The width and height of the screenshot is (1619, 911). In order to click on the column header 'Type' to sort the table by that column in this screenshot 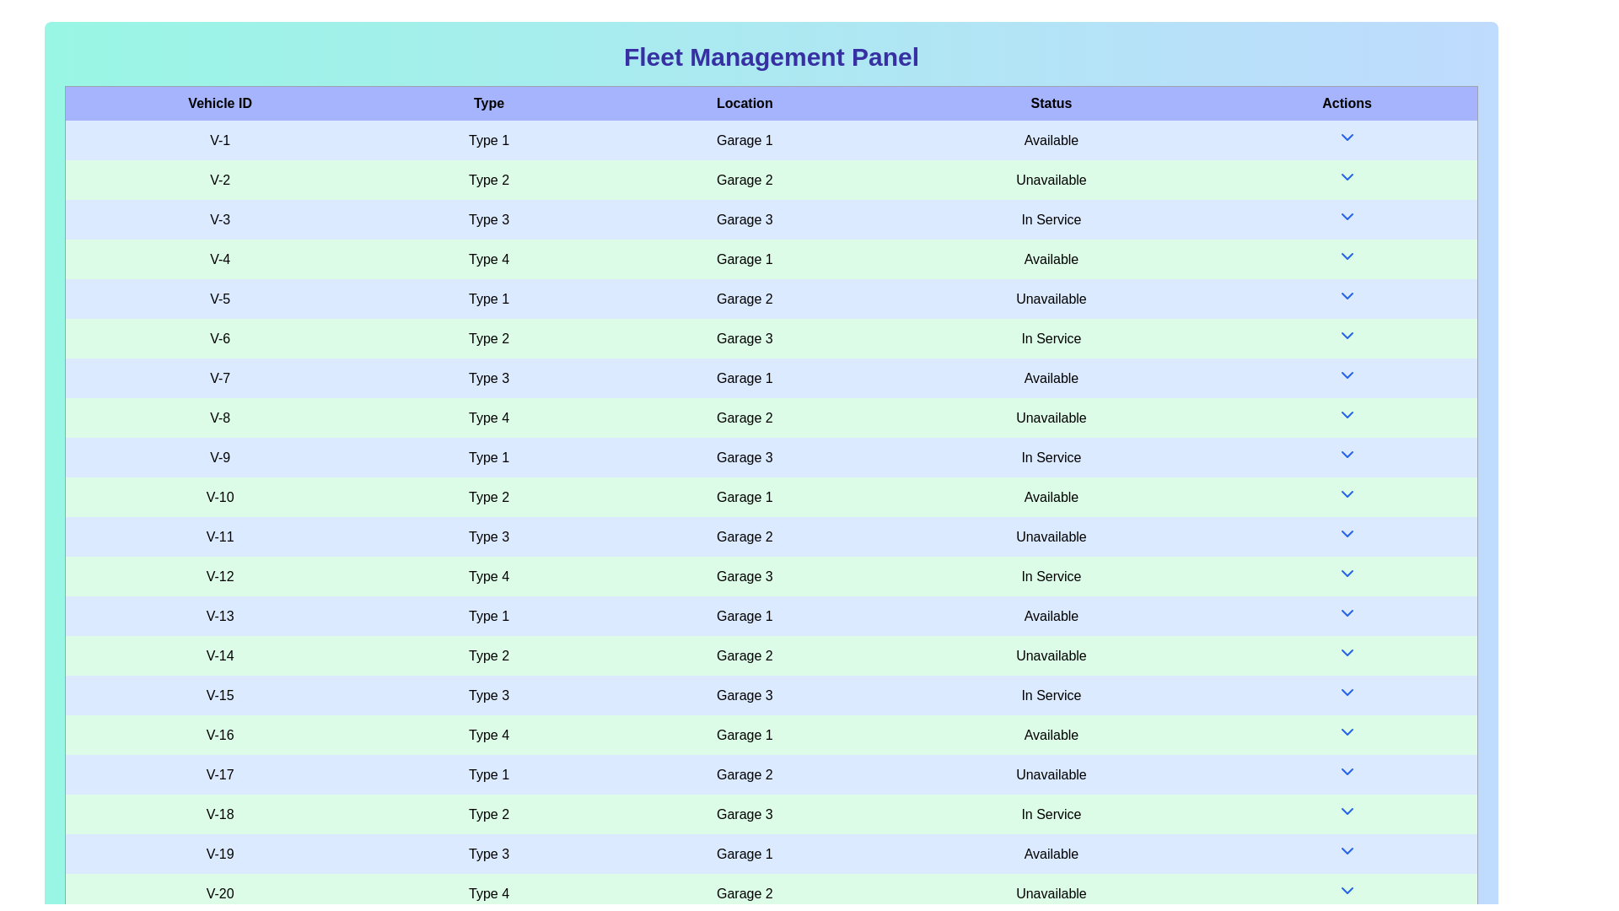, I will do `click(488, 103)`.